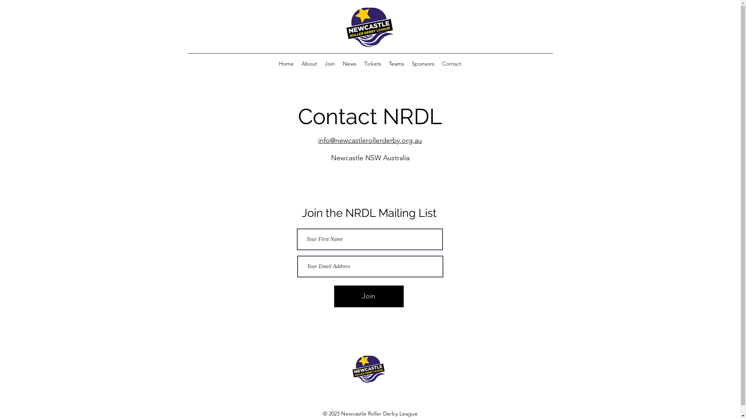  Describe the element at coordinates (368, 369) in the screenshot. I see `'NRDL-Logo-Cut-out-1024x833.png'` at that location.